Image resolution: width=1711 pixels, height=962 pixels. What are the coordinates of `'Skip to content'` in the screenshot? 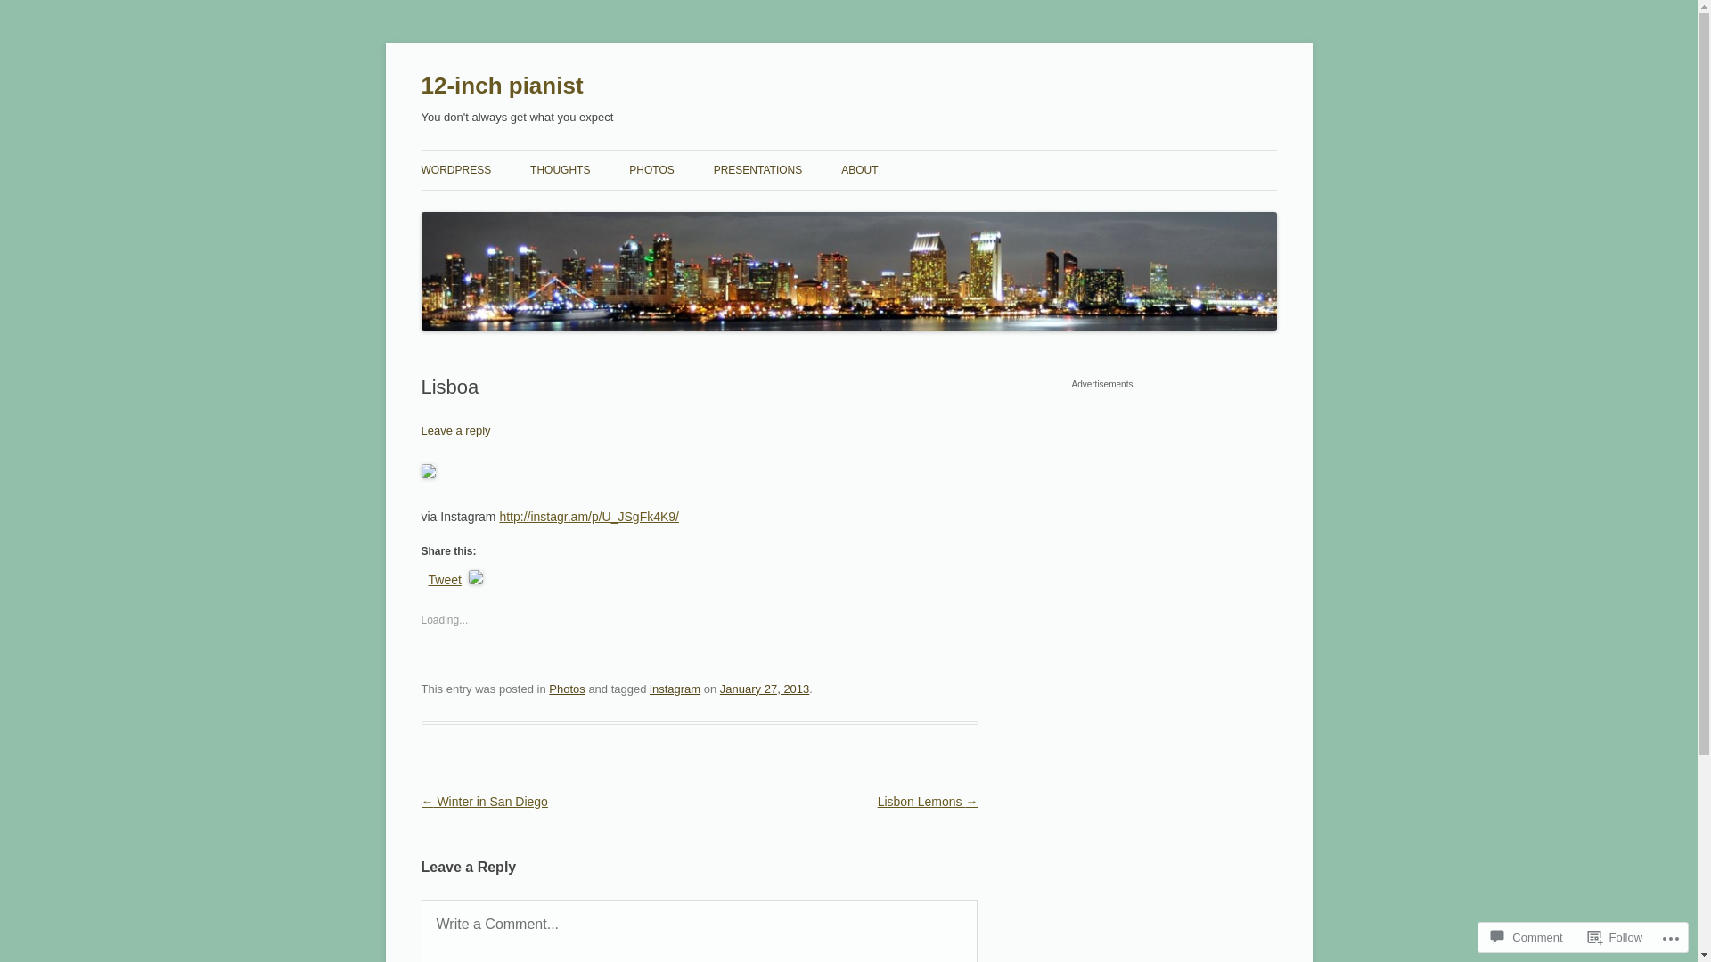 It's located at (847, 149).